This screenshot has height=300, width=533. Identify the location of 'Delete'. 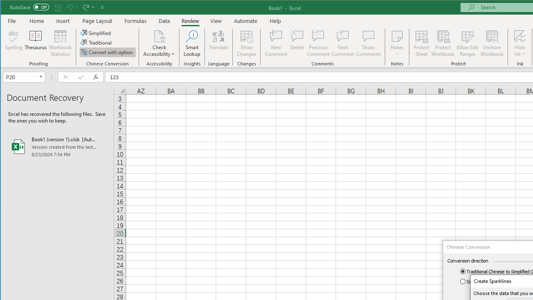
(297, 43).